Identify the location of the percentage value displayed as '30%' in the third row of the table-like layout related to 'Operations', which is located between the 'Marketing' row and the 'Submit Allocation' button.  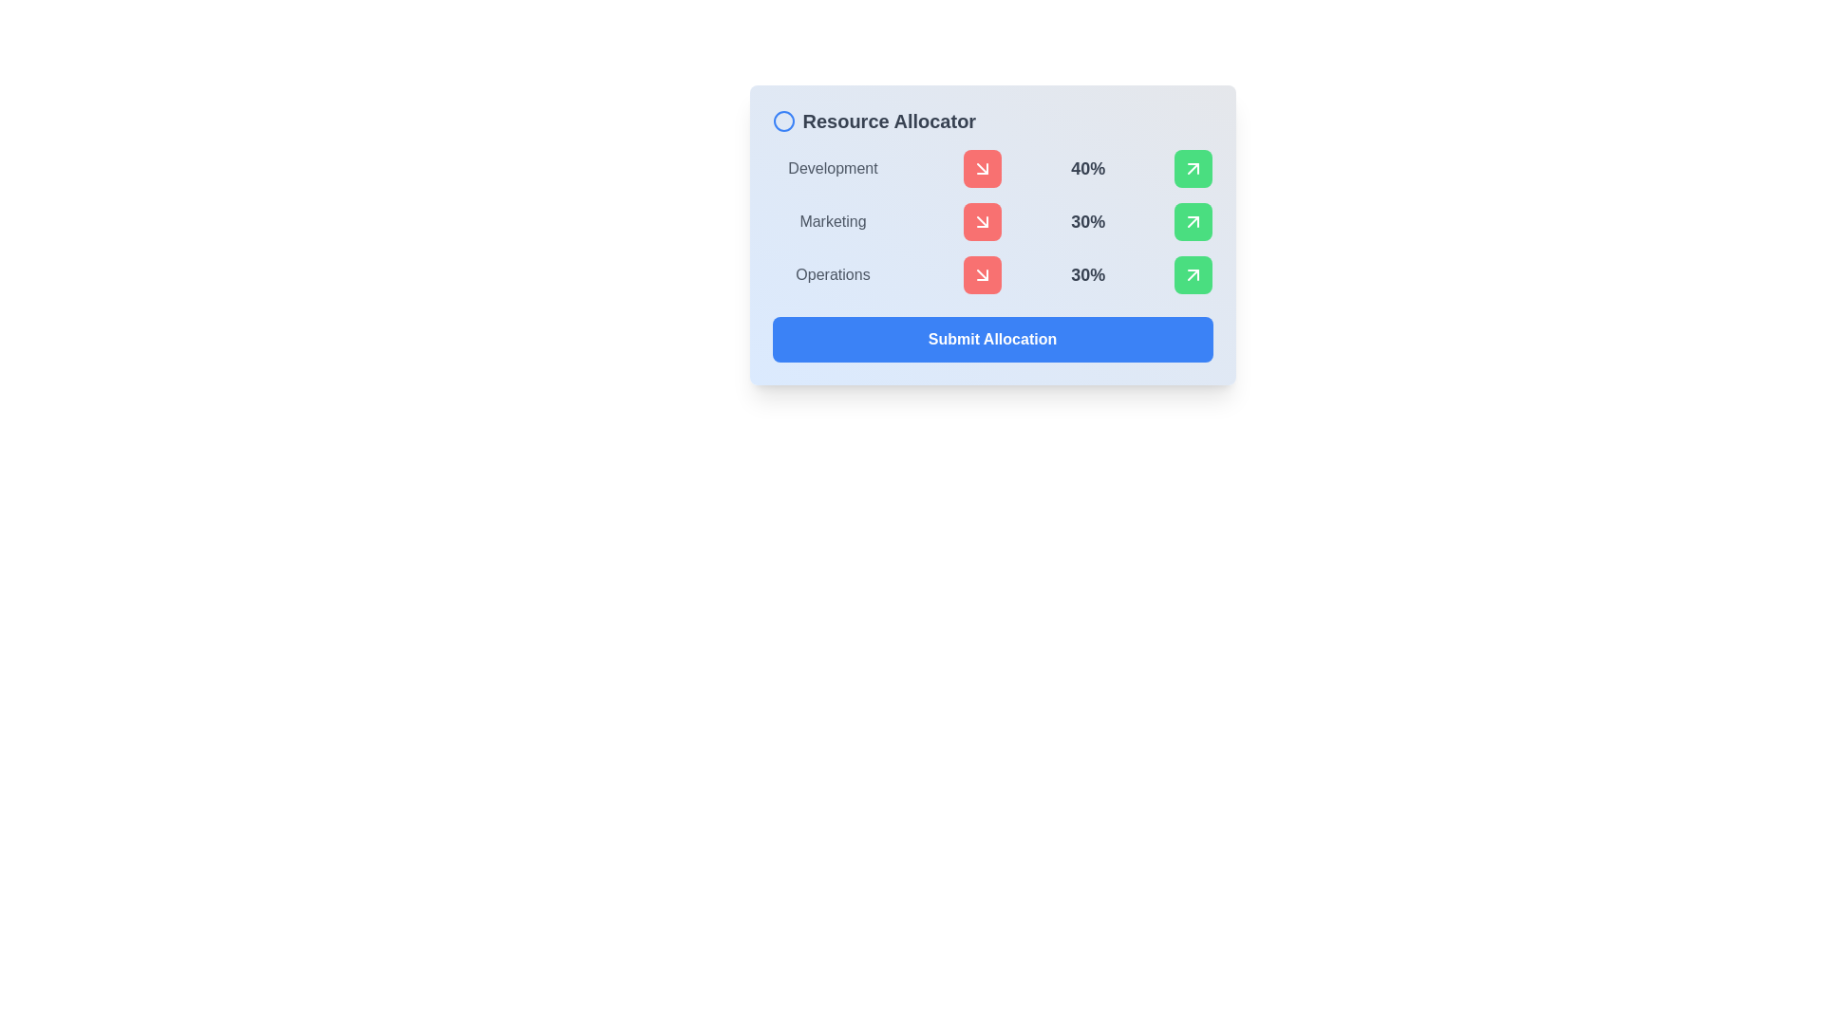
(991, 274).